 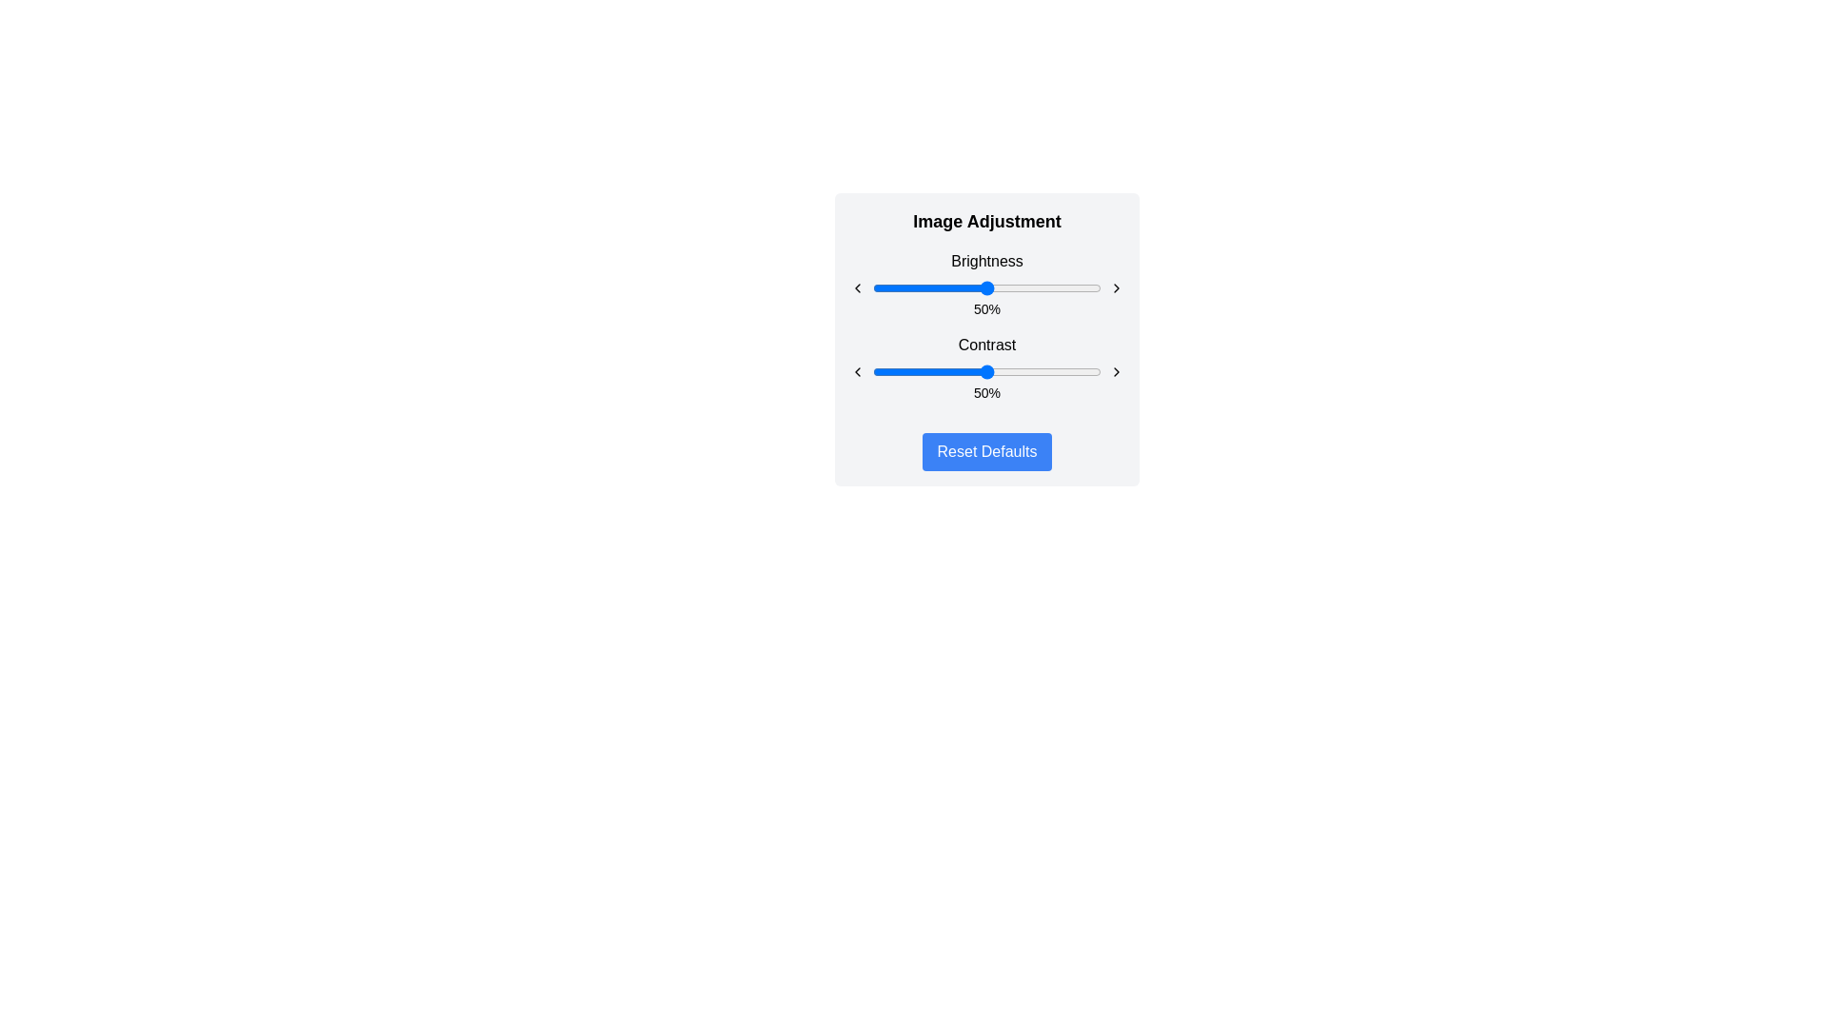 I want to click on contrast, so click(x=1057, y=371).